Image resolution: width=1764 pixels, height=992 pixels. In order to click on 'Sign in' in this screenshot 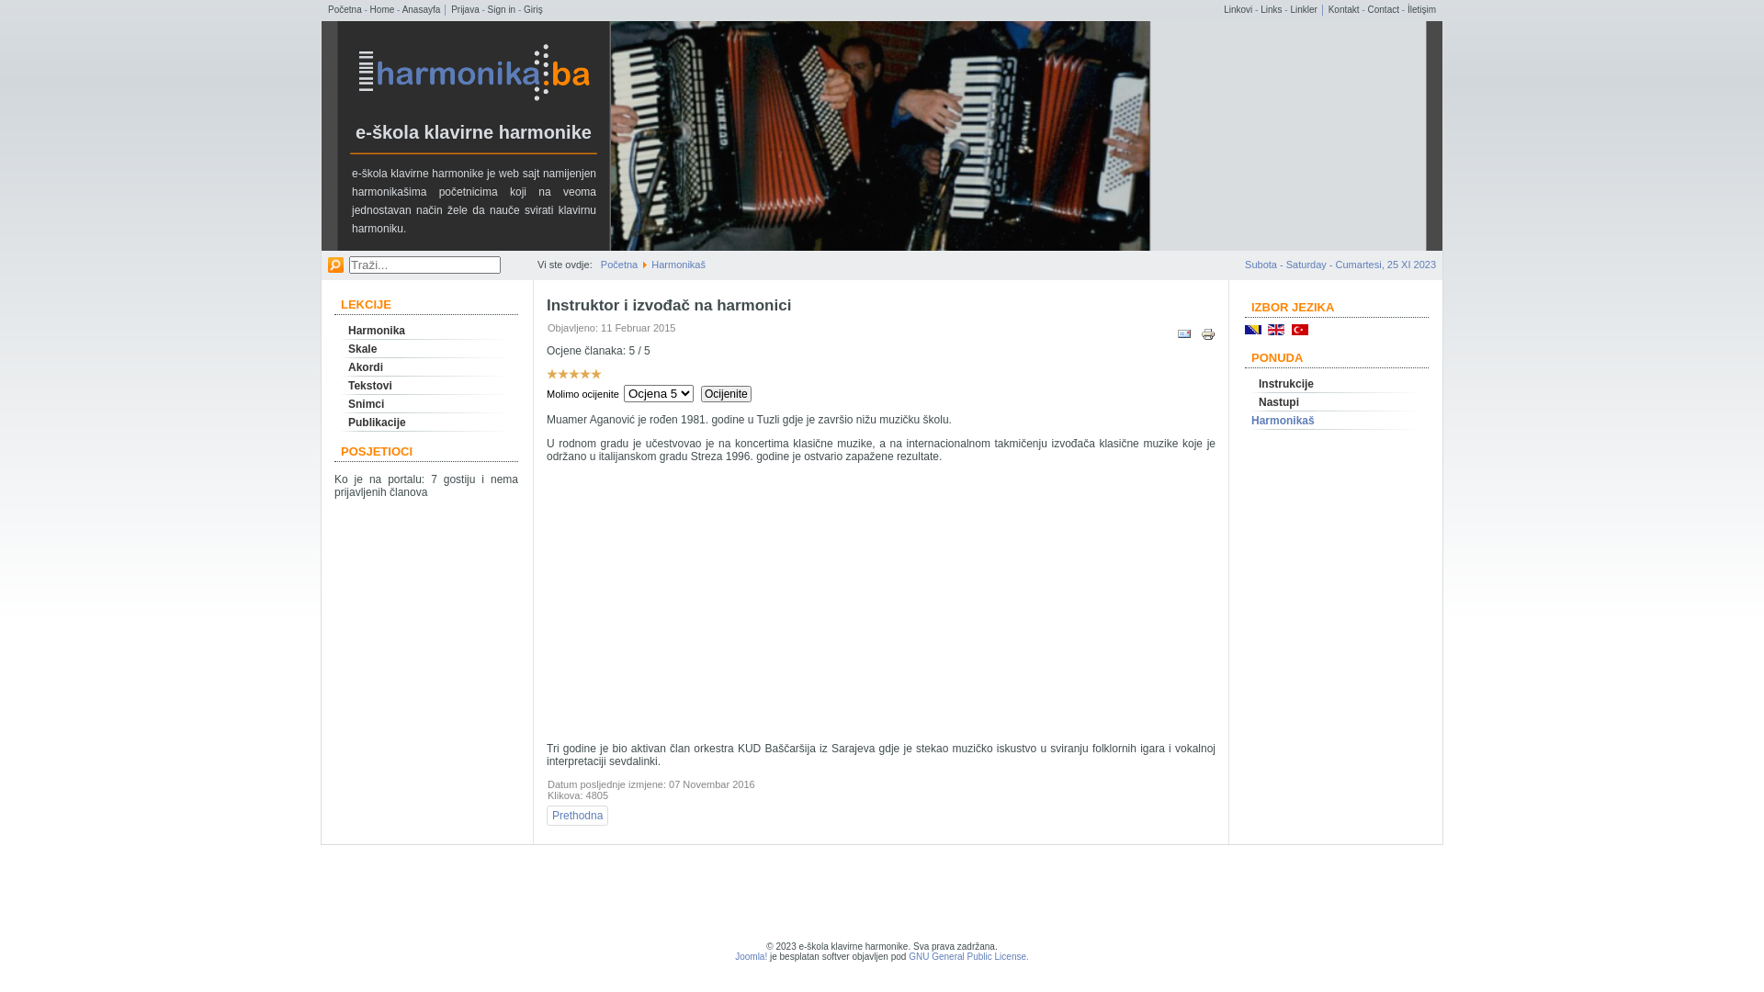, I will do `click(502, 9)`.